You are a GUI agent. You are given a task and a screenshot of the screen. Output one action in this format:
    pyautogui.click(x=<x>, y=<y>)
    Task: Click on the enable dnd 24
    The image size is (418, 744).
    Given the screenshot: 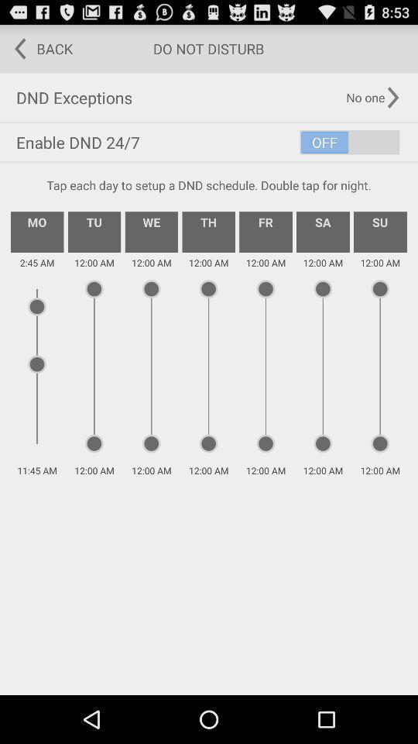 What is the action you would take?
    pyautogui.click(x=209, y=142)
    